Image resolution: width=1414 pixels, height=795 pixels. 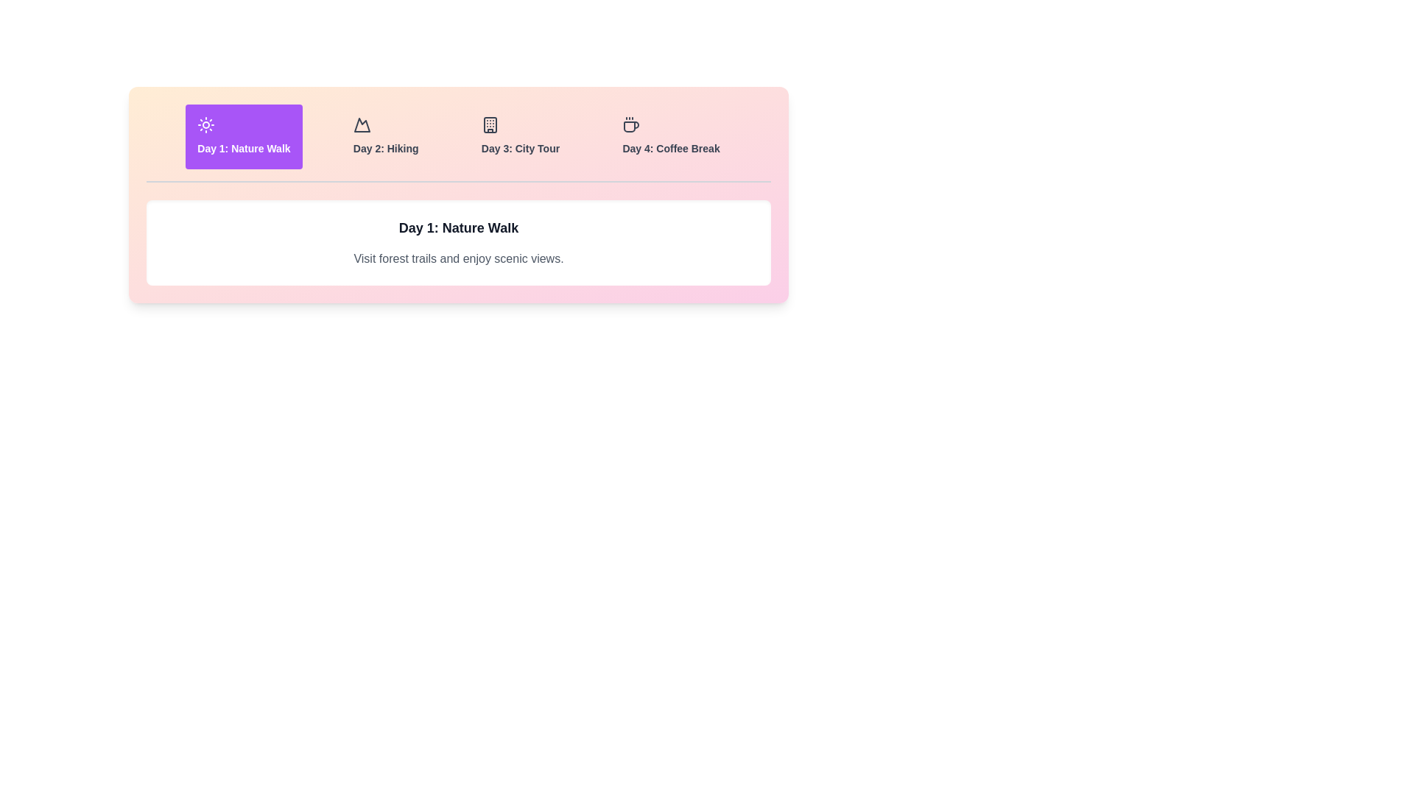 What do you see at coordinates (386, 136) in the screenshot?
I see `the tab for Day 2: Hiking to view its itinerary` at bounding box center [386, 136].